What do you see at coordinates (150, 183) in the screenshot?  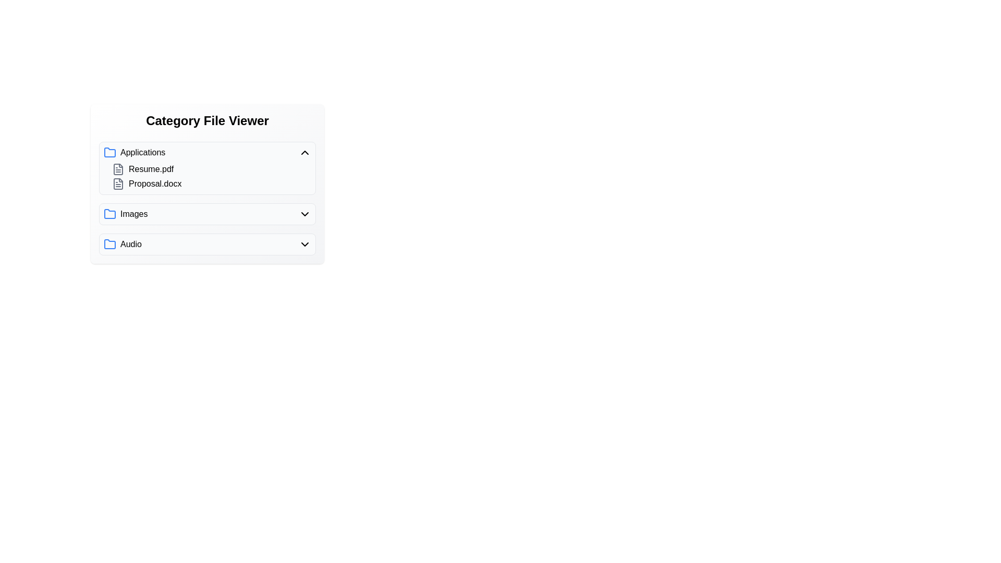 I see `the file Proposal.docx within the 'Applications' category` at bounding box center [150, 183].